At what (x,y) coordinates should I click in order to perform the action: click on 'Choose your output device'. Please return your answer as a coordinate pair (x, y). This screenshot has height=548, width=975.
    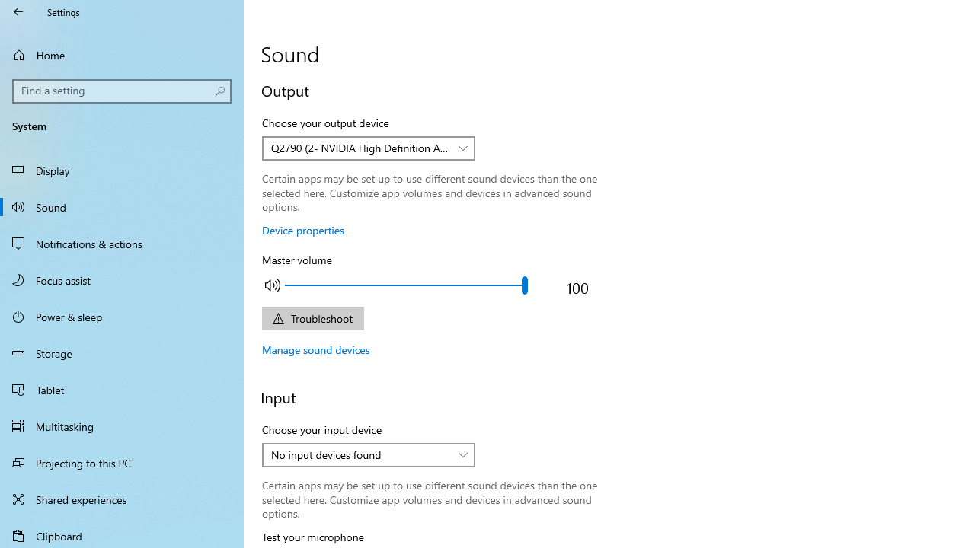
    Looking at the image, I should click on (369, 148).